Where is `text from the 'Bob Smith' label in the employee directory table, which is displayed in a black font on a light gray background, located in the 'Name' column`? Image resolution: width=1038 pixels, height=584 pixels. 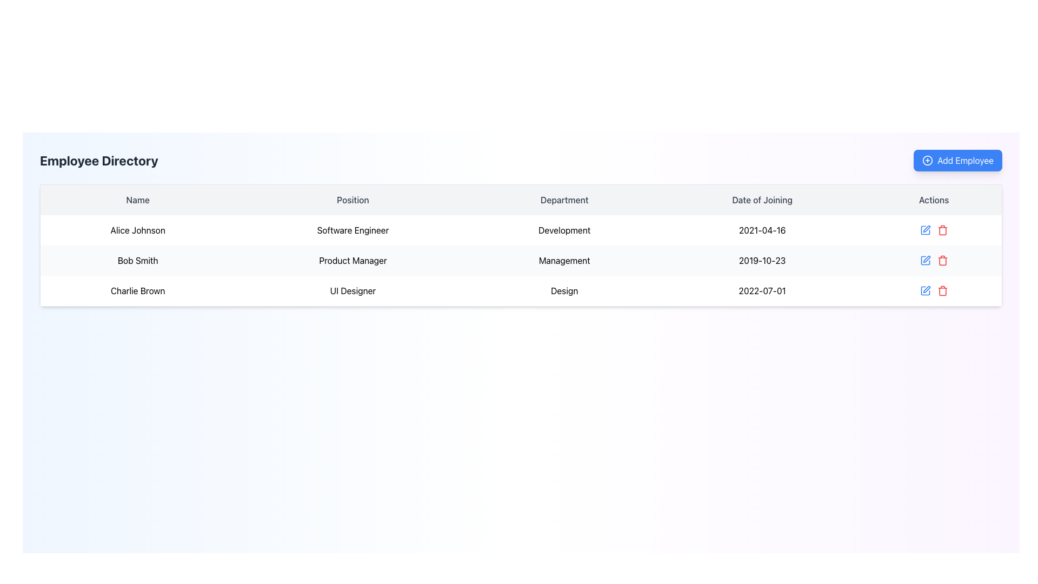
text from the 'Bob Smith' label in the employee directory table, which is displayed in a black font on a light gray background, located in the 'Name' column is located at coordinates (137, 261).